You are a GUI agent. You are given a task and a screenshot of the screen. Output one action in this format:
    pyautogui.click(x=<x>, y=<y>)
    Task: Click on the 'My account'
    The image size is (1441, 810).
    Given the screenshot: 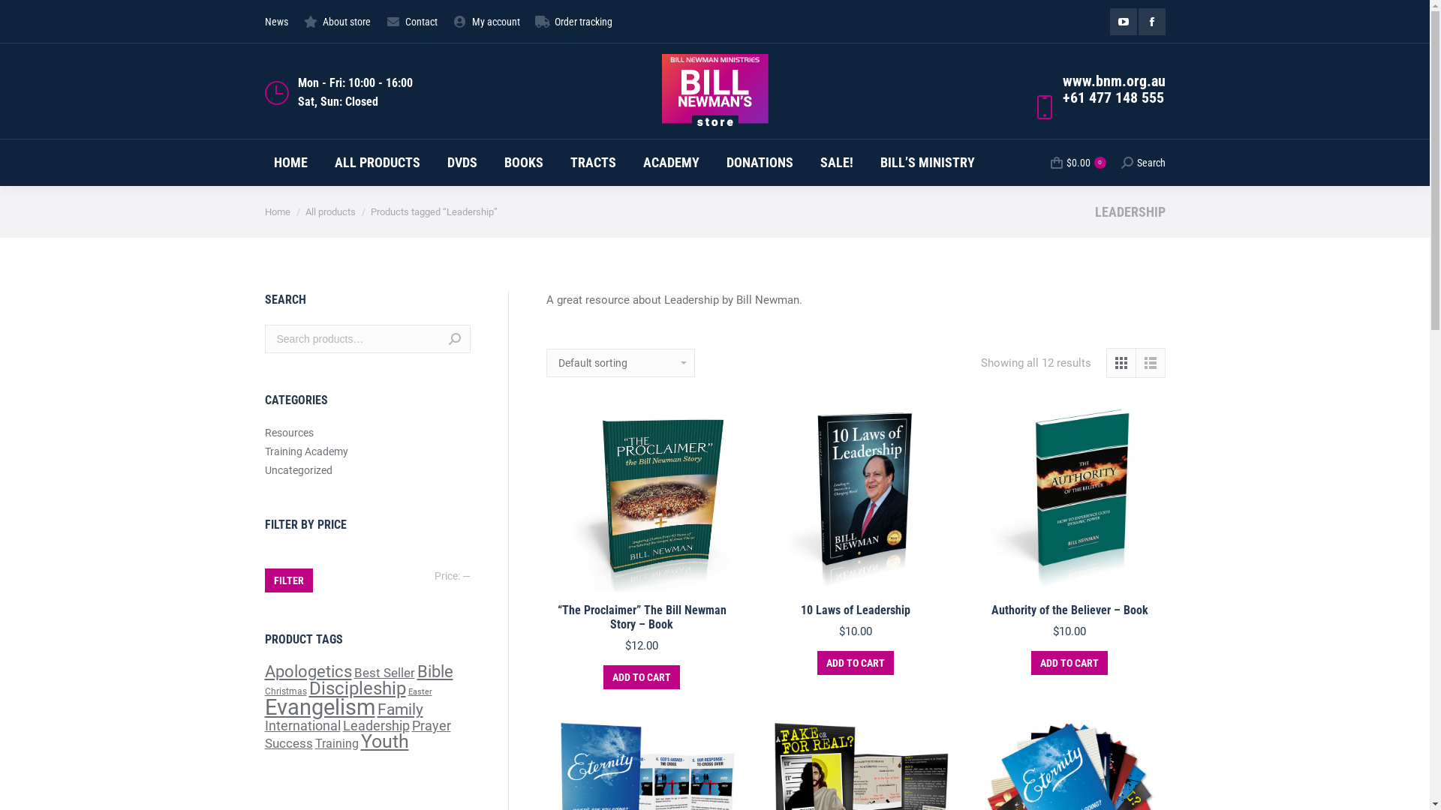 What is the action you would take?
    pyautogui.click(x=486, y=22)
    